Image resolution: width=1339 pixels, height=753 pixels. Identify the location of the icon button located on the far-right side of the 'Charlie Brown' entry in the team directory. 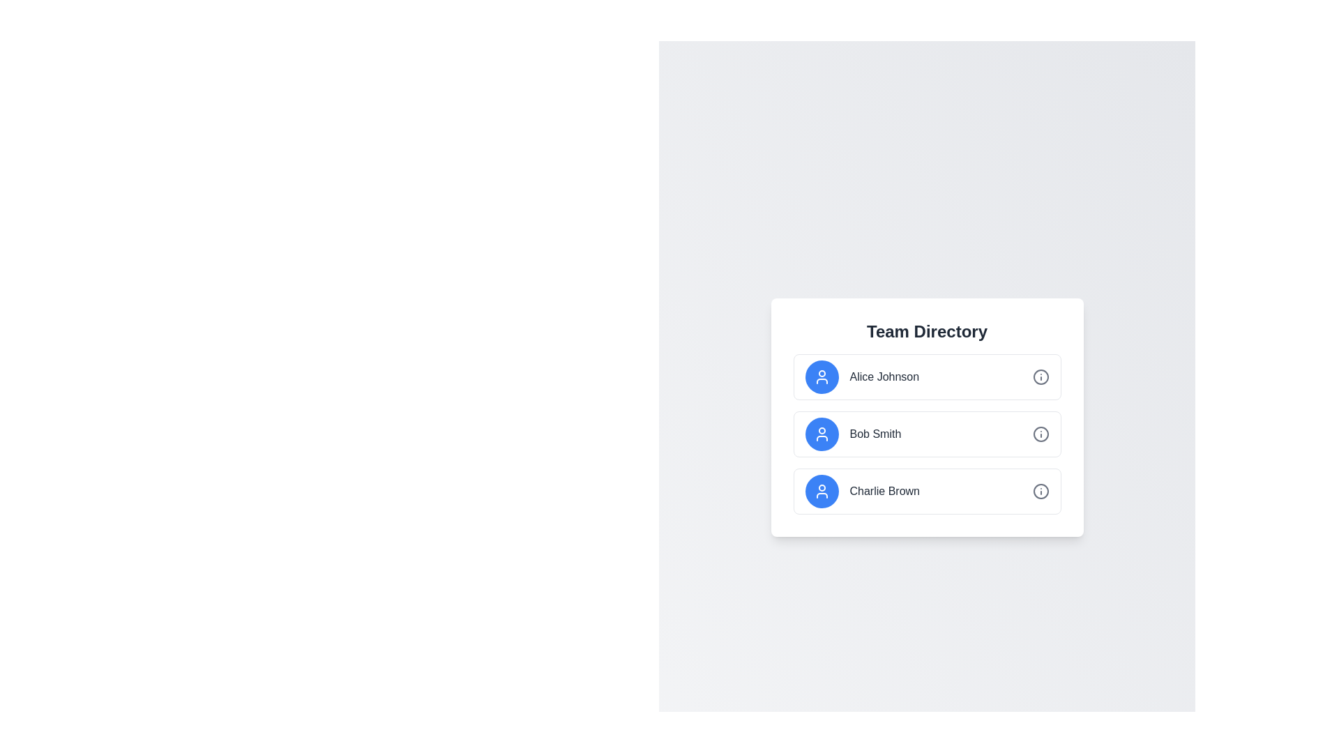
(1041, 491).